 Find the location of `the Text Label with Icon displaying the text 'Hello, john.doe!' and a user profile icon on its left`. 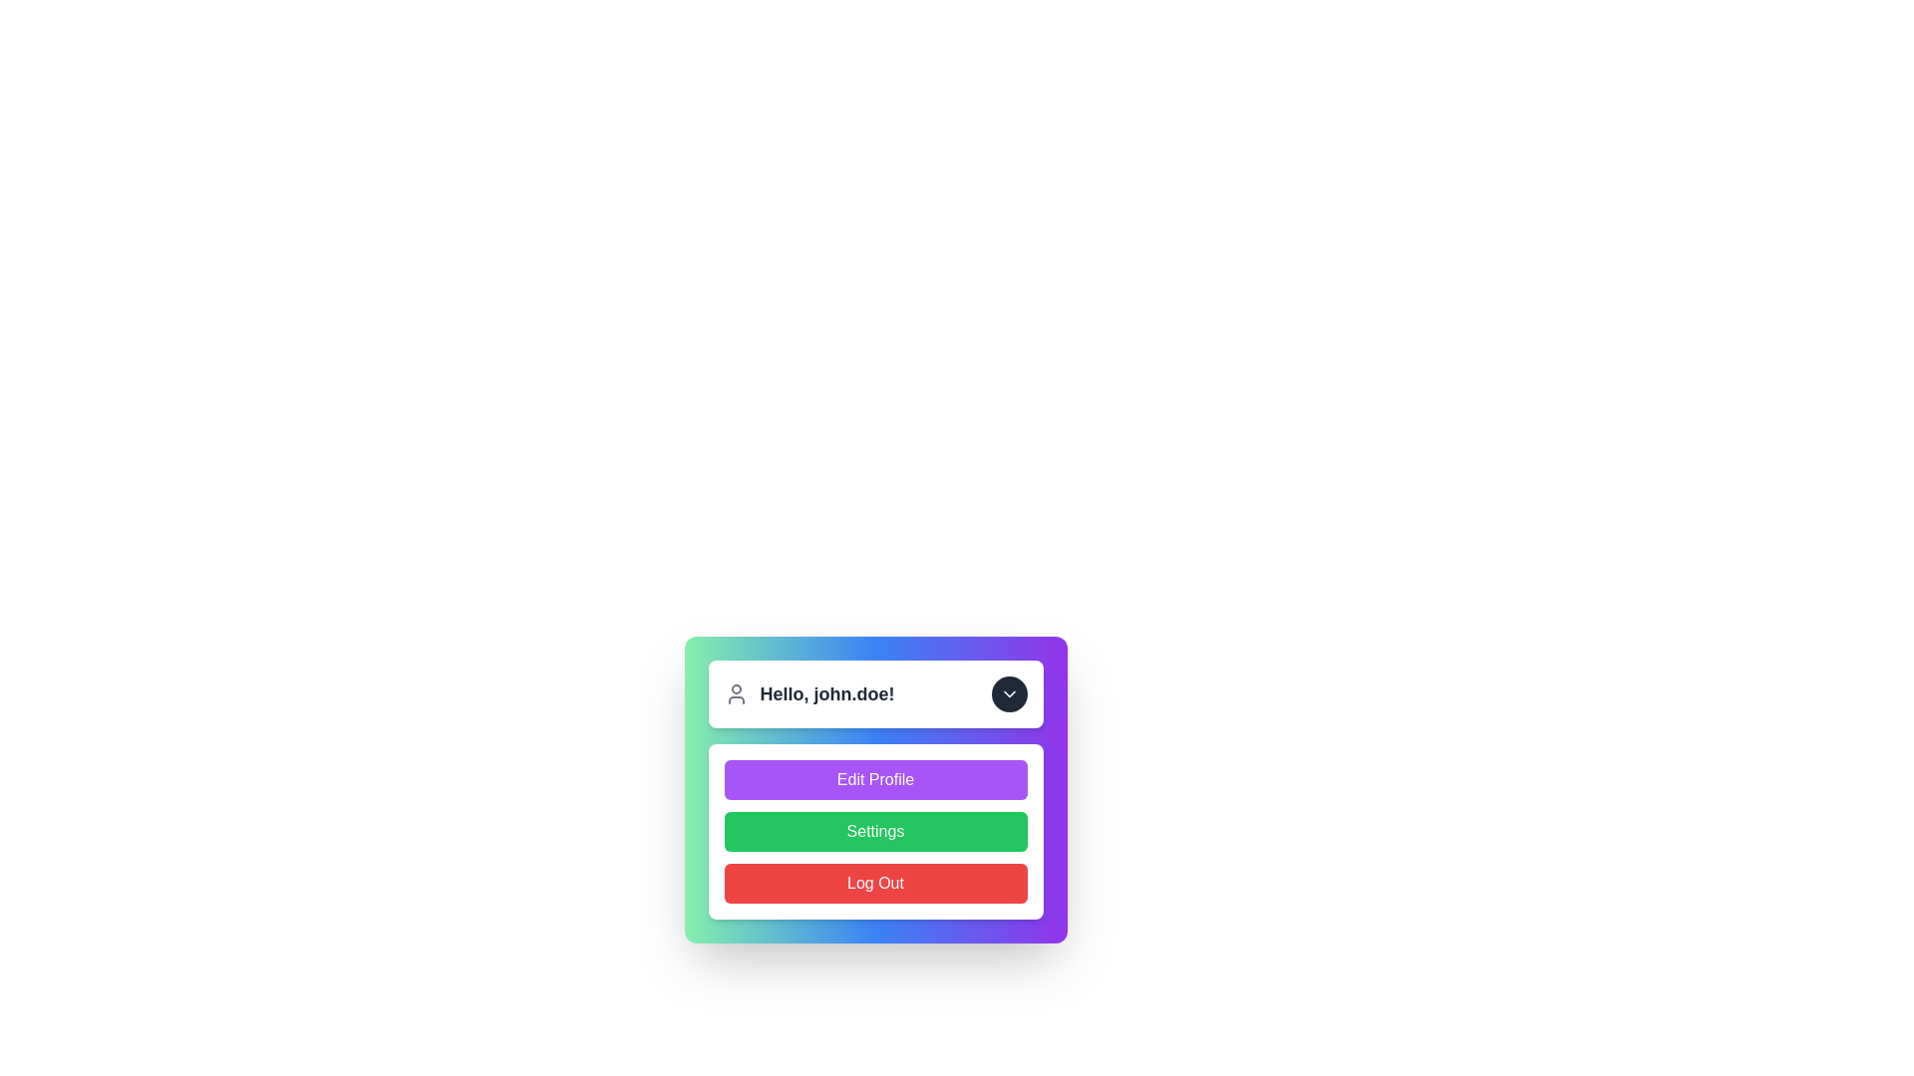

the Text Label with Icon displaying the text 'Hello, john.doe!' and a user profile icon on its left is located at coordinates (808, 693).